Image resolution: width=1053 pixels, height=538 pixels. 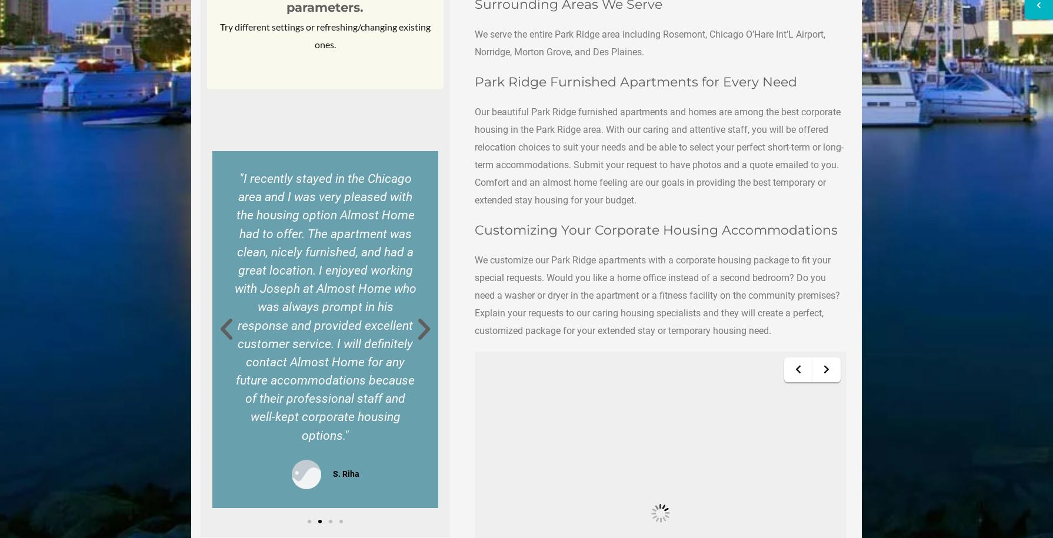 I want to click on 'M. Gingras', so click(x=114, y=327).